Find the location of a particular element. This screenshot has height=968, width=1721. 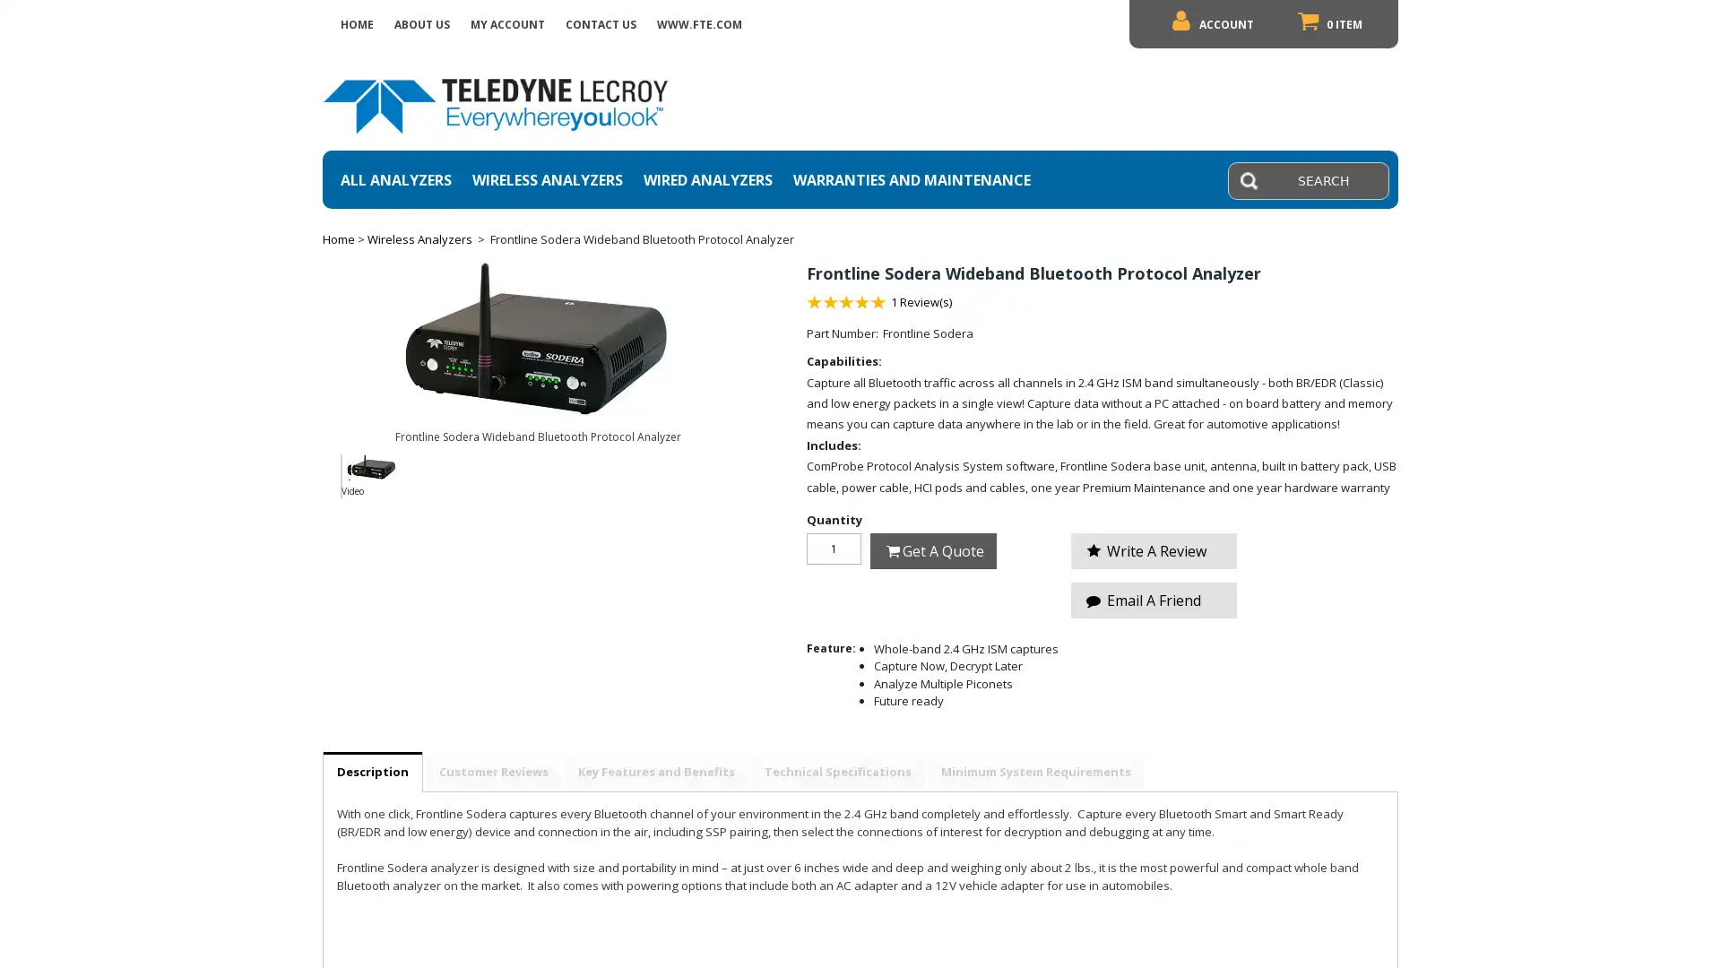

Get A Quote is located at coordinates (932, 549).